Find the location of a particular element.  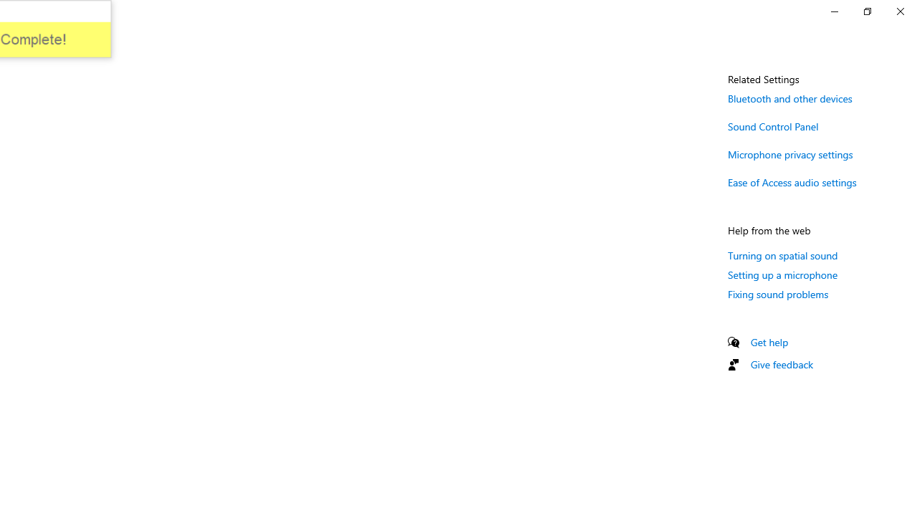

'Ease of Access audio settings' is located at coordinates (791, 181).